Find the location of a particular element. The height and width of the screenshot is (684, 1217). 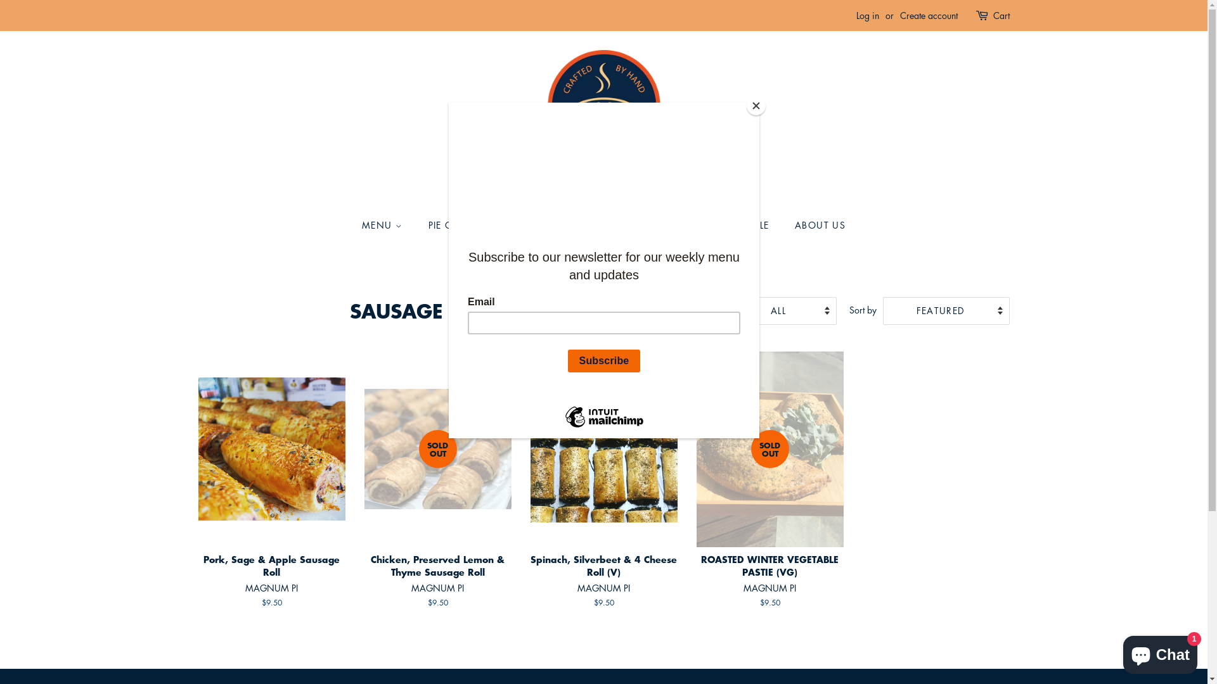

'Log in' is located at coordinates (855, 15).